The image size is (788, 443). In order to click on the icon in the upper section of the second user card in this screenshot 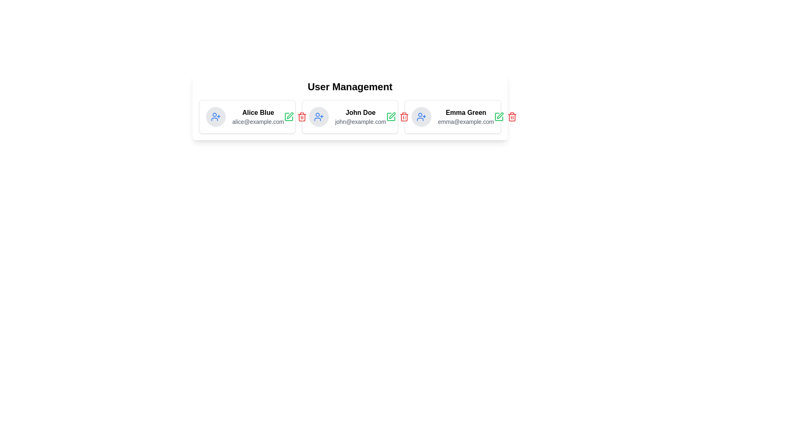, I will do `click(216, 117)`.